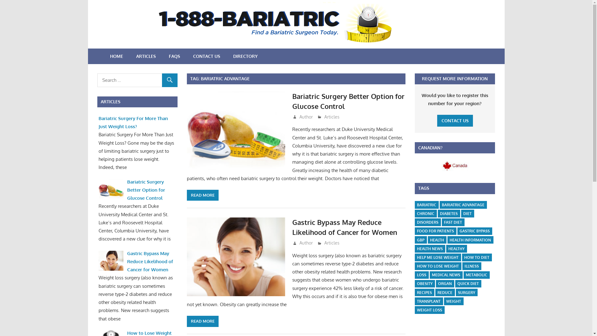 The height and width of the screenshot is (336, 597). What do you see at coordinates (441, 222) in the screenshot?
I see `'FAST DIET'` at bounding box center [441, 222].